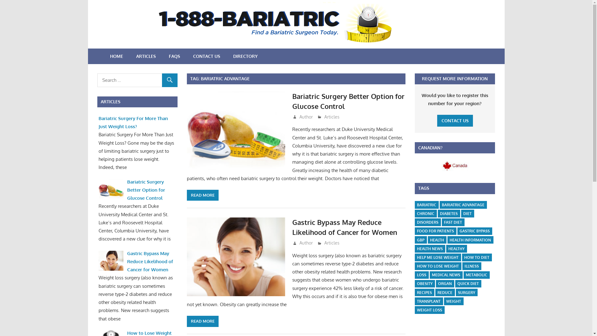 The height and width of the screenshot is (336, 597). What do you see at coordinates (441, 222) in the screenshot?
I see `'FAST DIET'` at bounding box center [441, 222].